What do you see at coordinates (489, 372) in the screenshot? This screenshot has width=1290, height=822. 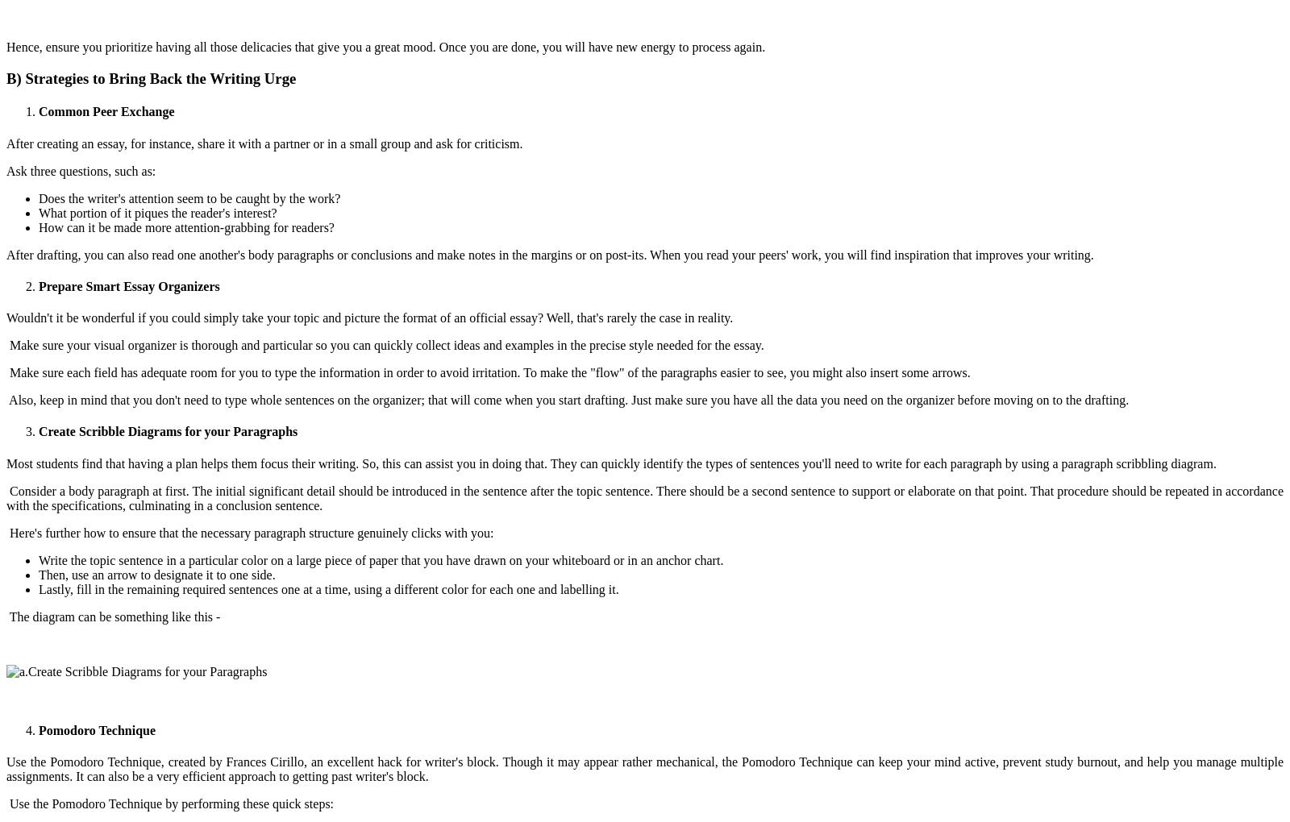 I see `'Make sure each field has adequate room for you to type the information in order to avoid irritation. To make the "flow" of the paragraphs easier to see, you might also insert some arrows.'` at bounding box center [489, 372].